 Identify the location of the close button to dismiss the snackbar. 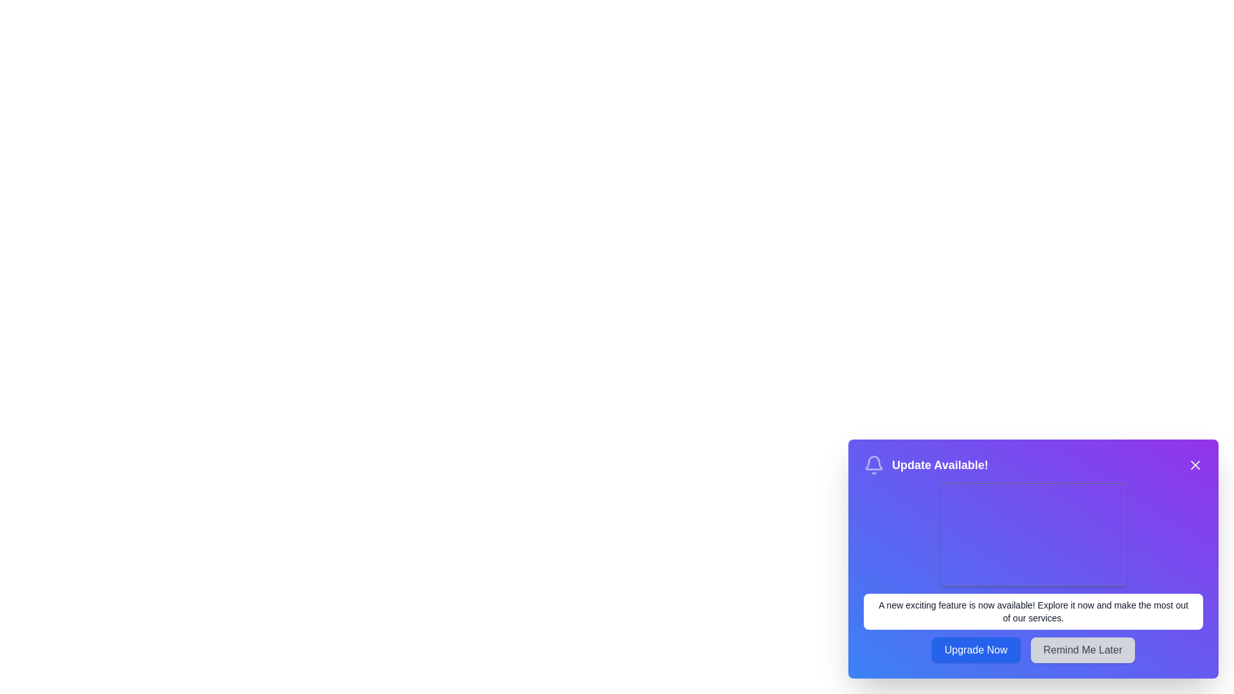
(1195, 465).